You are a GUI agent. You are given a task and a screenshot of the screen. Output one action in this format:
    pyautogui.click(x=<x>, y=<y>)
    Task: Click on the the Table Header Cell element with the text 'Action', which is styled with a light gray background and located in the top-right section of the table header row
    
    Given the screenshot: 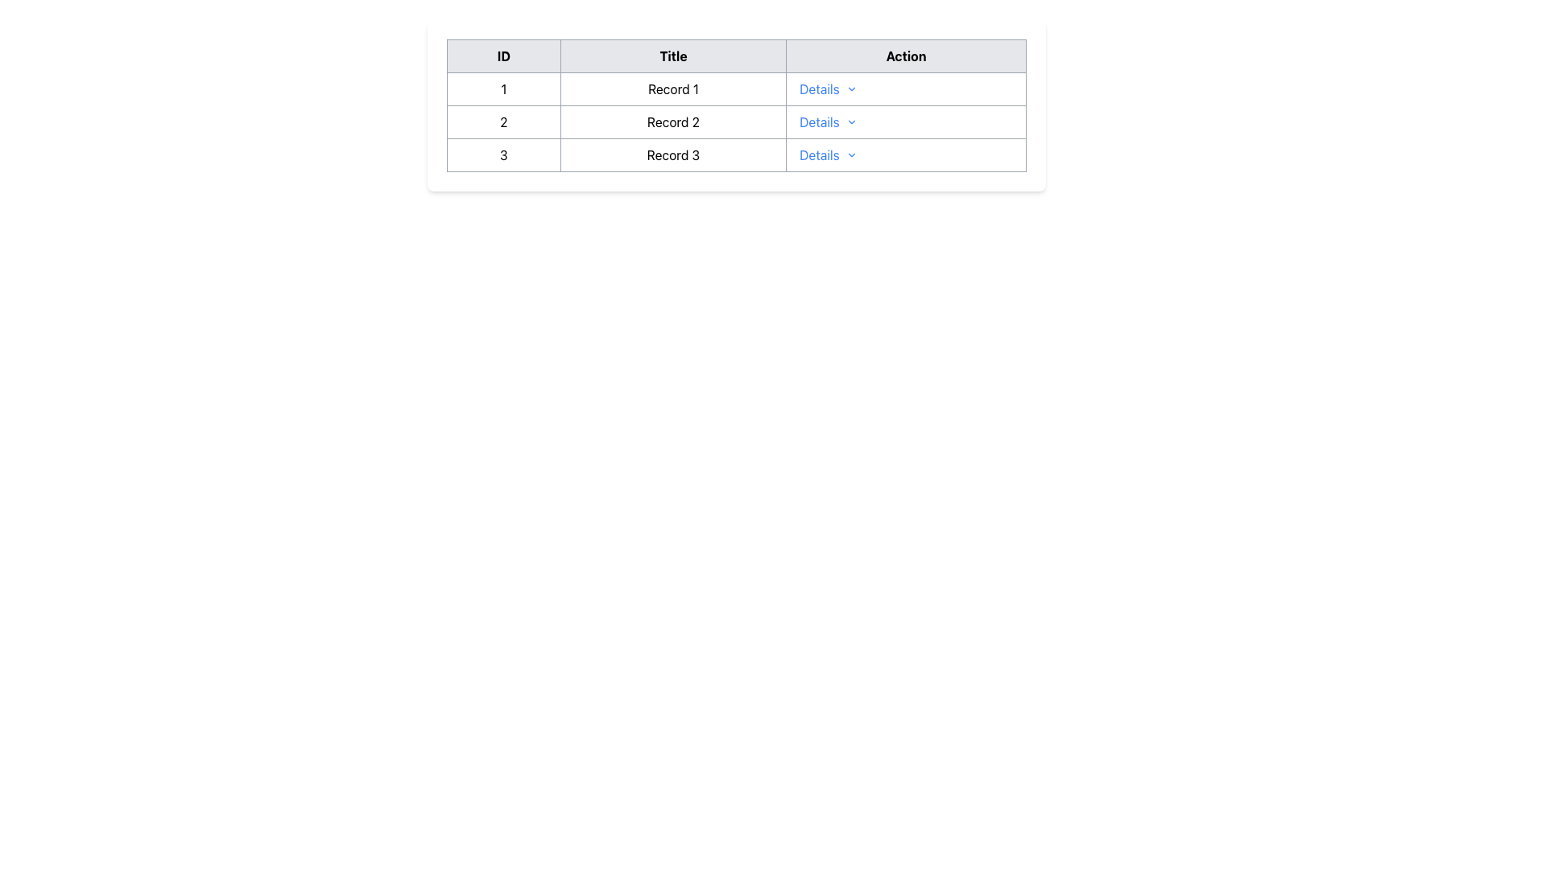 What is the action you would take?
    pyautogui.click(x=906, y=55)
    